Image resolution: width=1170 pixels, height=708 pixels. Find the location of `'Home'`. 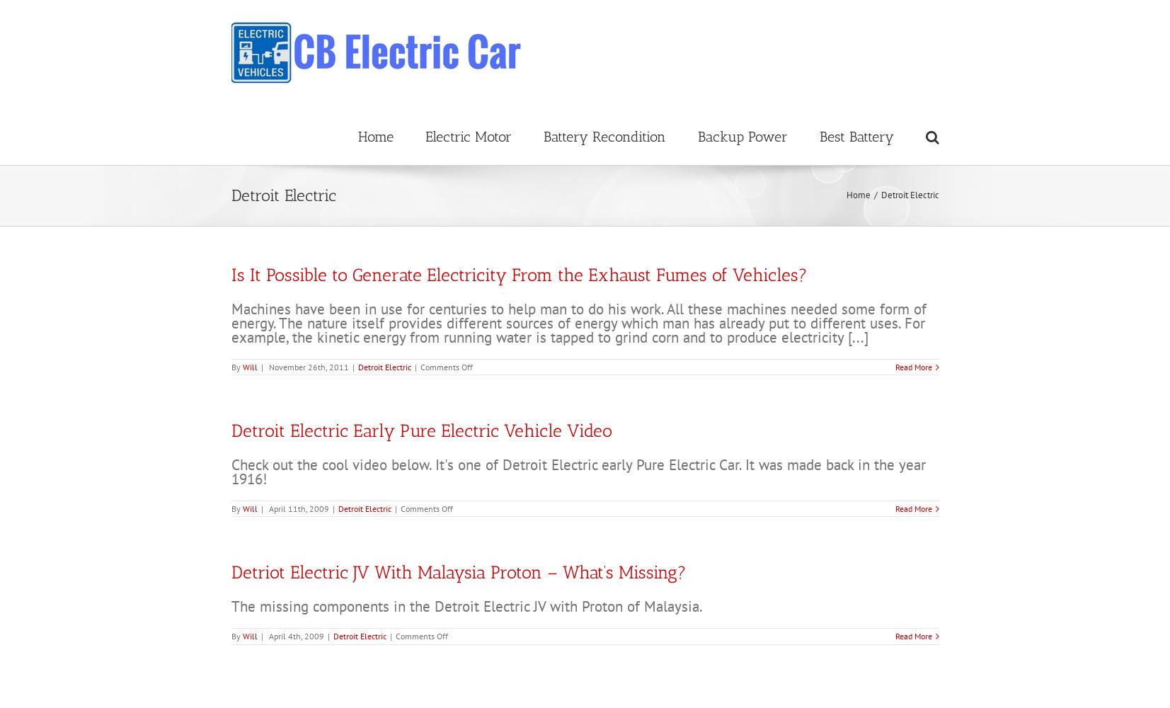

'Home' is located at coordinates (857, 195).